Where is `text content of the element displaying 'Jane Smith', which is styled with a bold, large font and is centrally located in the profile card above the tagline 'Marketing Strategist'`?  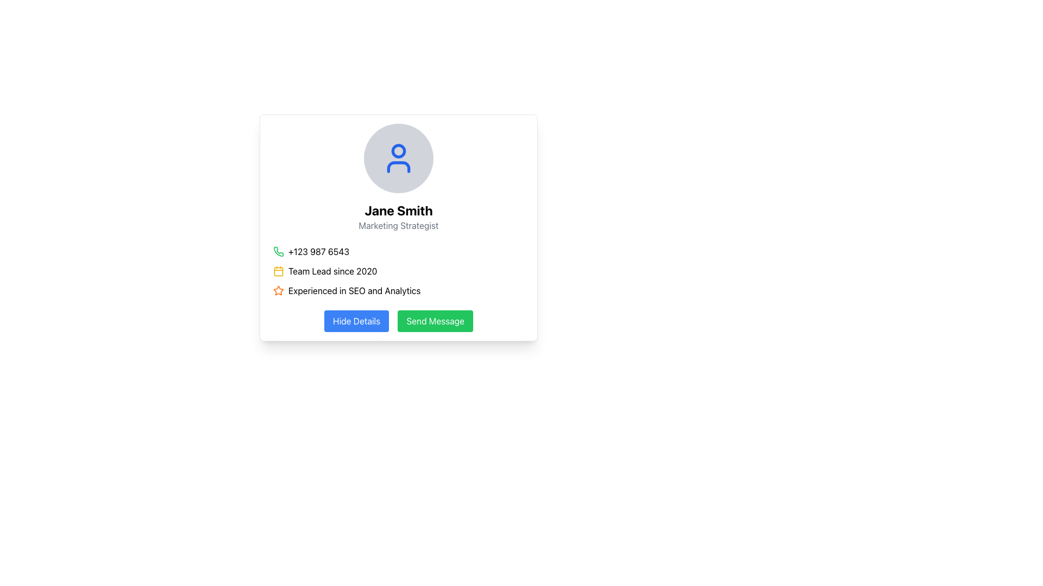 text content of the element displaying 'Jane Smith', which is styled with a bold, large font and is centrally located in the profile card above the tagline 'Marketing Strategist' is located at coordinates (398, 211).